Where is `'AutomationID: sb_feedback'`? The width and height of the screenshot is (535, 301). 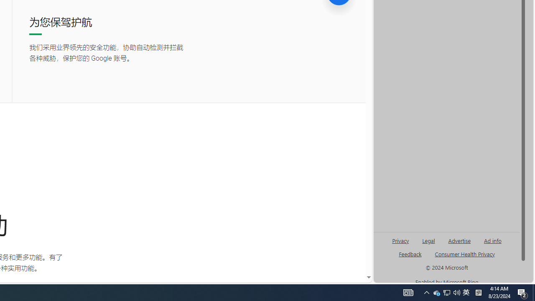 'AutomationID: sb_feedback' is located at coordinates (410, 253).